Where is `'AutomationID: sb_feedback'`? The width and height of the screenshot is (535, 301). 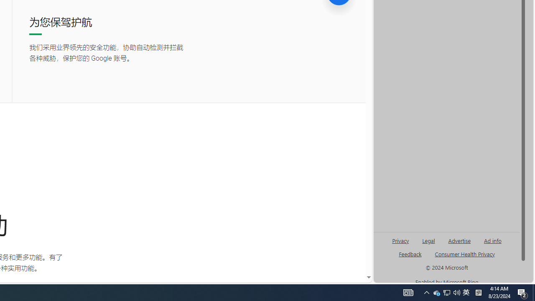 'AutomationID: sb_feedback' is located at coordinates (410, 253).